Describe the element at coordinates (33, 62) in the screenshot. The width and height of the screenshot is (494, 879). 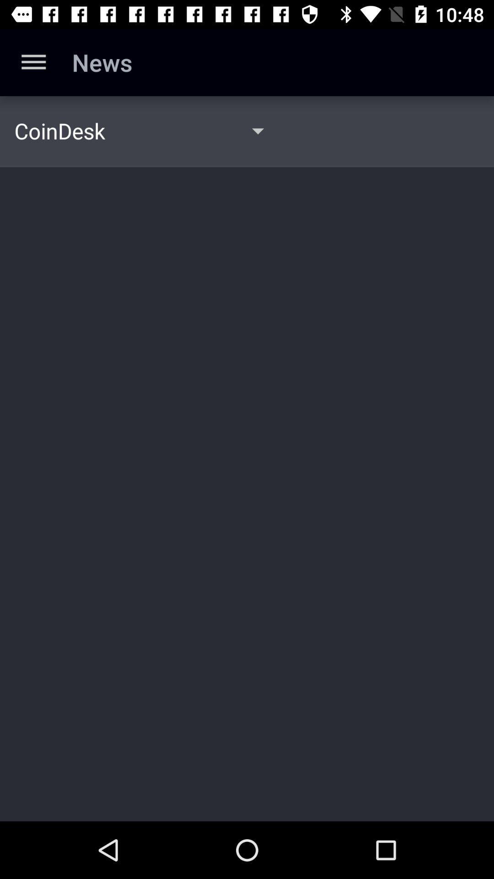
I see `the icon next to news item` at that location.